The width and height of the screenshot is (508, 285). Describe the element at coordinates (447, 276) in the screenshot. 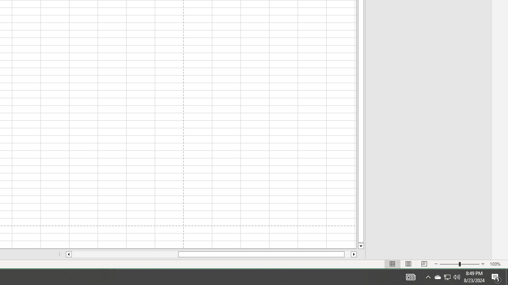

I see `'User Promoted Notification Area'` at that location.